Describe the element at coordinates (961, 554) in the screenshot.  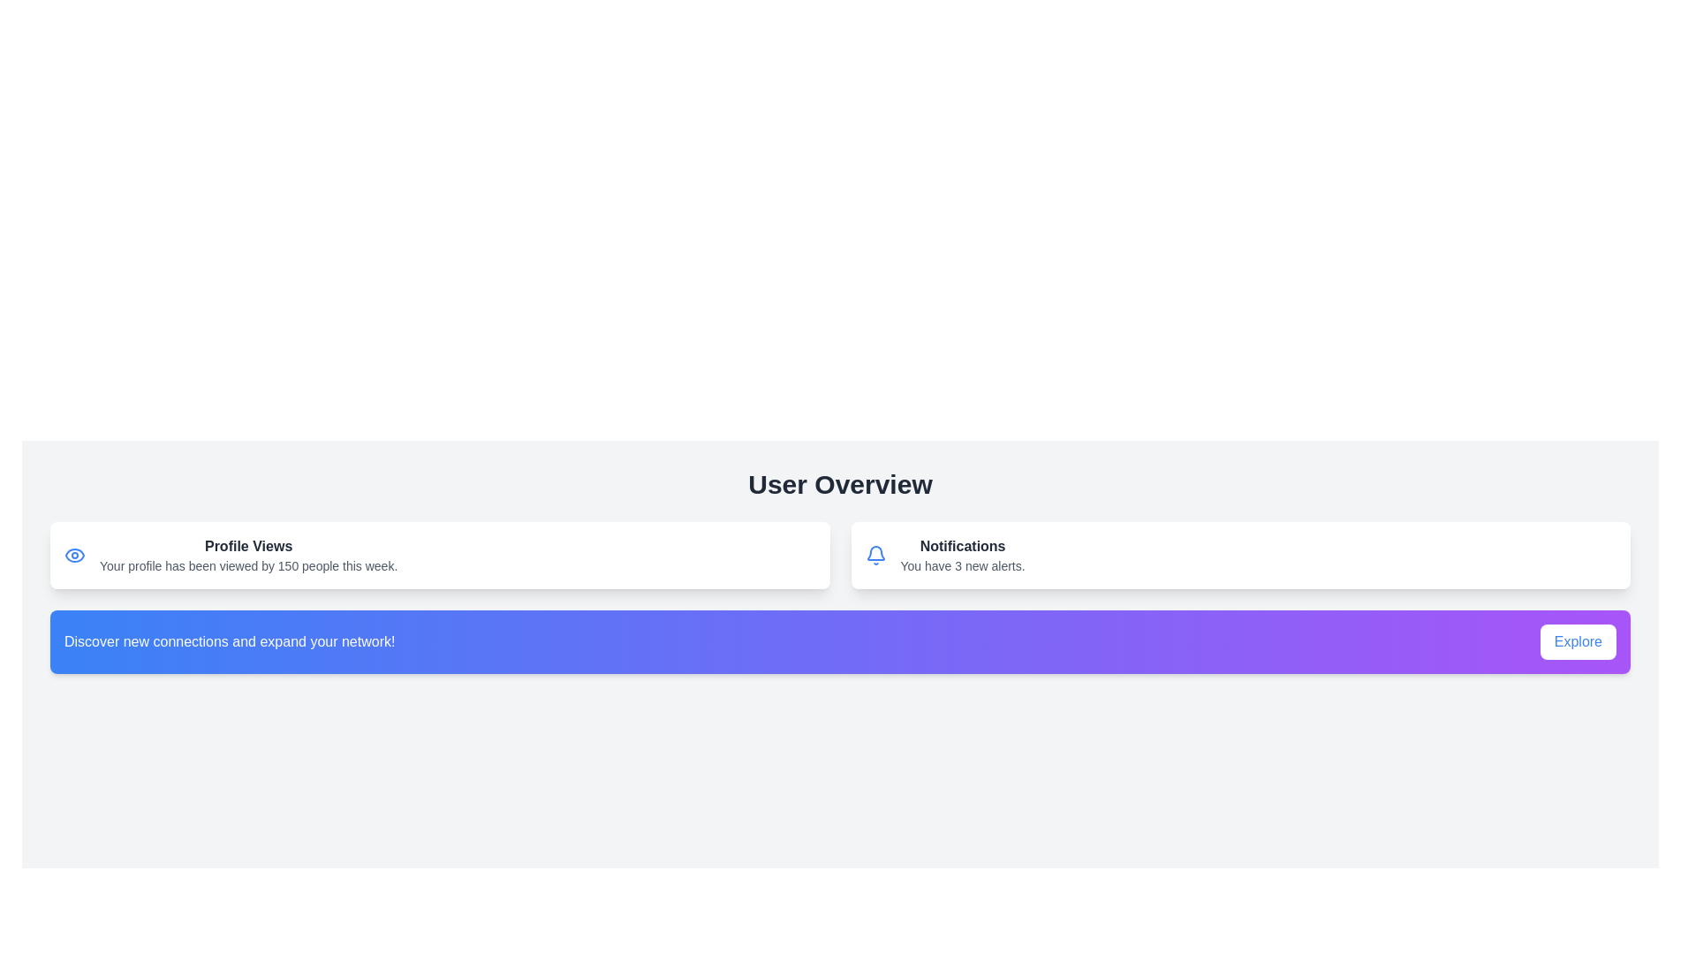
I see `notification content displayed in the text block titled 'Notifications' with the message 'You have 3 new alerts.'` at that location.